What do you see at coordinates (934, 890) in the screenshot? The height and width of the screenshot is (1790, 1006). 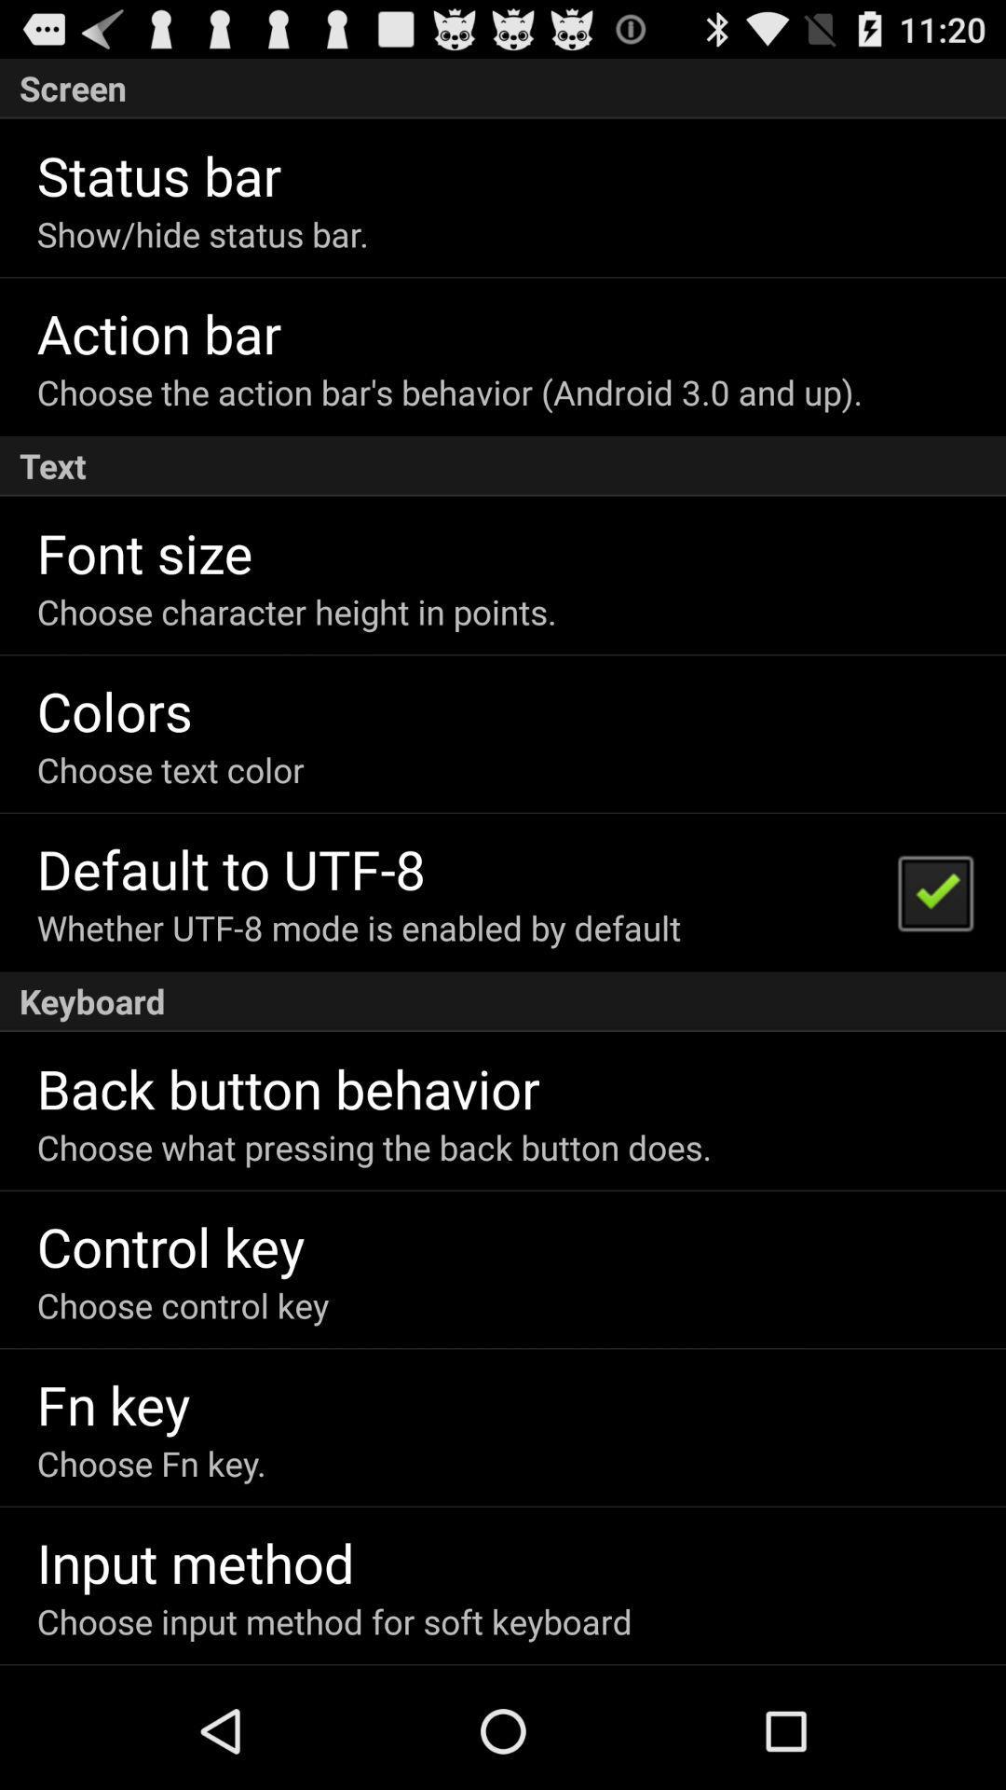 I see `the item above keyboard icon` at bounding box center [934, 890].